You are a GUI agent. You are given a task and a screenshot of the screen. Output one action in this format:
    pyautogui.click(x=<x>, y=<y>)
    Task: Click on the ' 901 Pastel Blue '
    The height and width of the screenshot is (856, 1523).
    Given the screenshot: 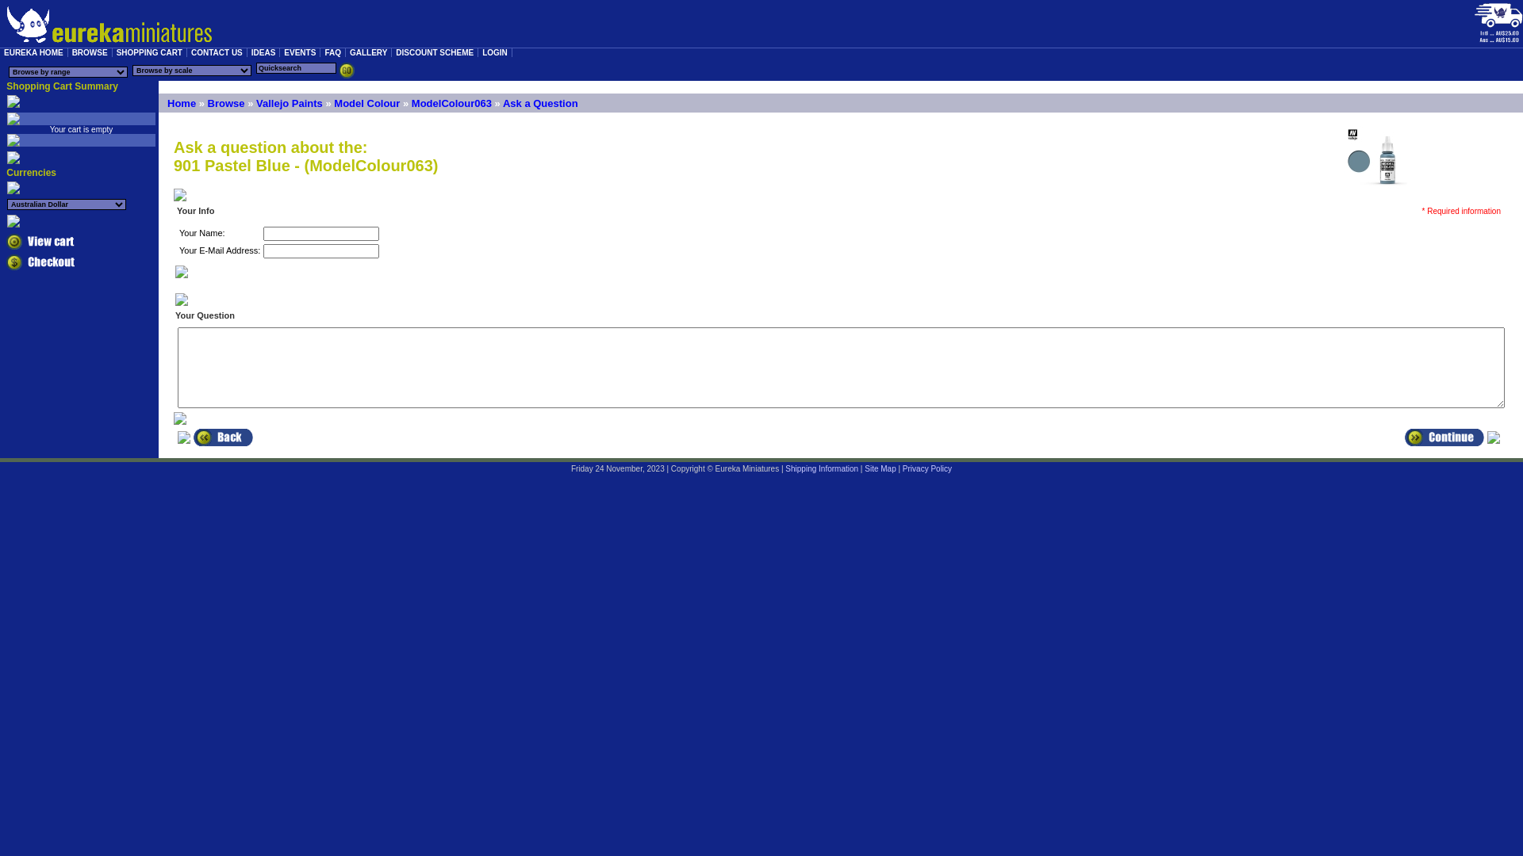 What is the action you would take?
    pyautogui.click(x=1374, y=156)
    